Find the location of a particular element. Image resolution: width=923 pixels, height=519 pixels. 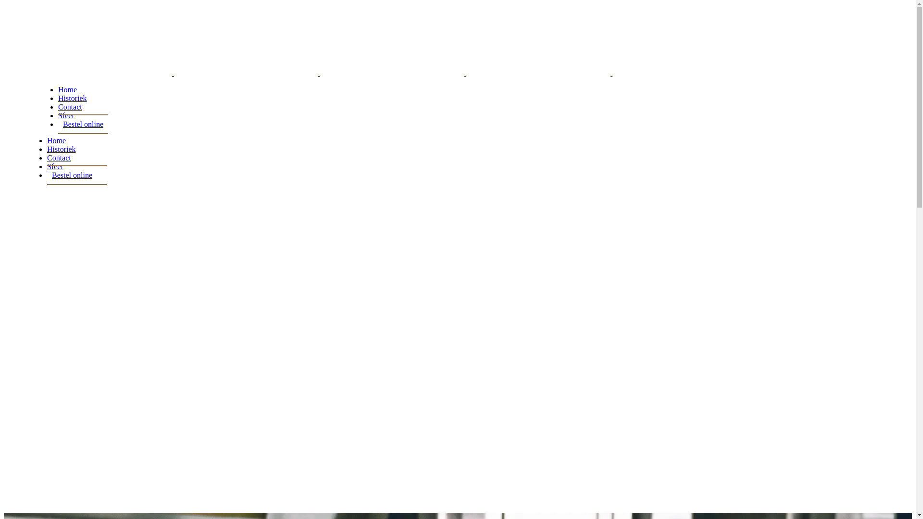

'Historiek' is located at coordinates (61, 149).